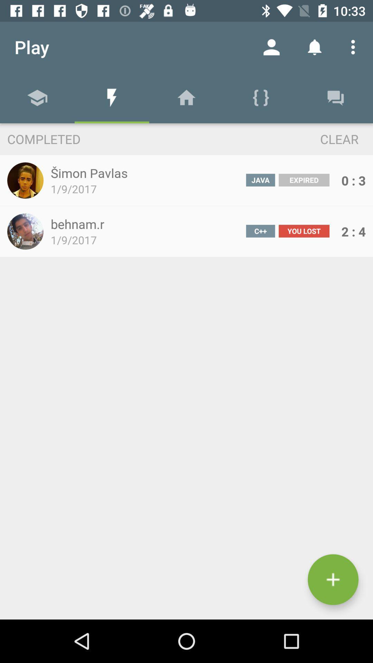 This screenshot has height=663, width=373. I want to click on item next to the completed item, so click(326, 138).